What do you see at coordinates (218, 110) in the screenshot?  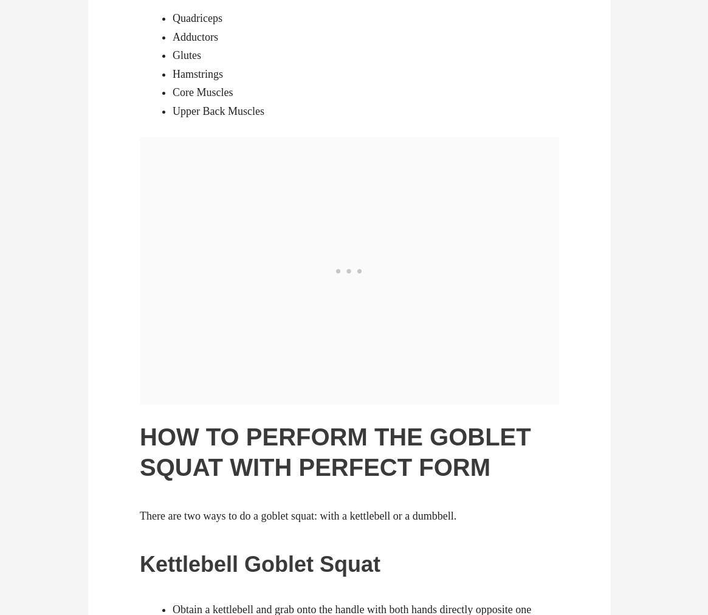 I see `'Upper Back Muscles'` at bounding box center [218, 110].